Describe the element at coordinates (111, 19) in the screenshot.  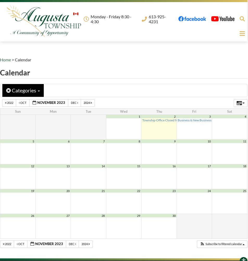
I see `'Monday - Friday

8:30 - 4:30'` at that location.